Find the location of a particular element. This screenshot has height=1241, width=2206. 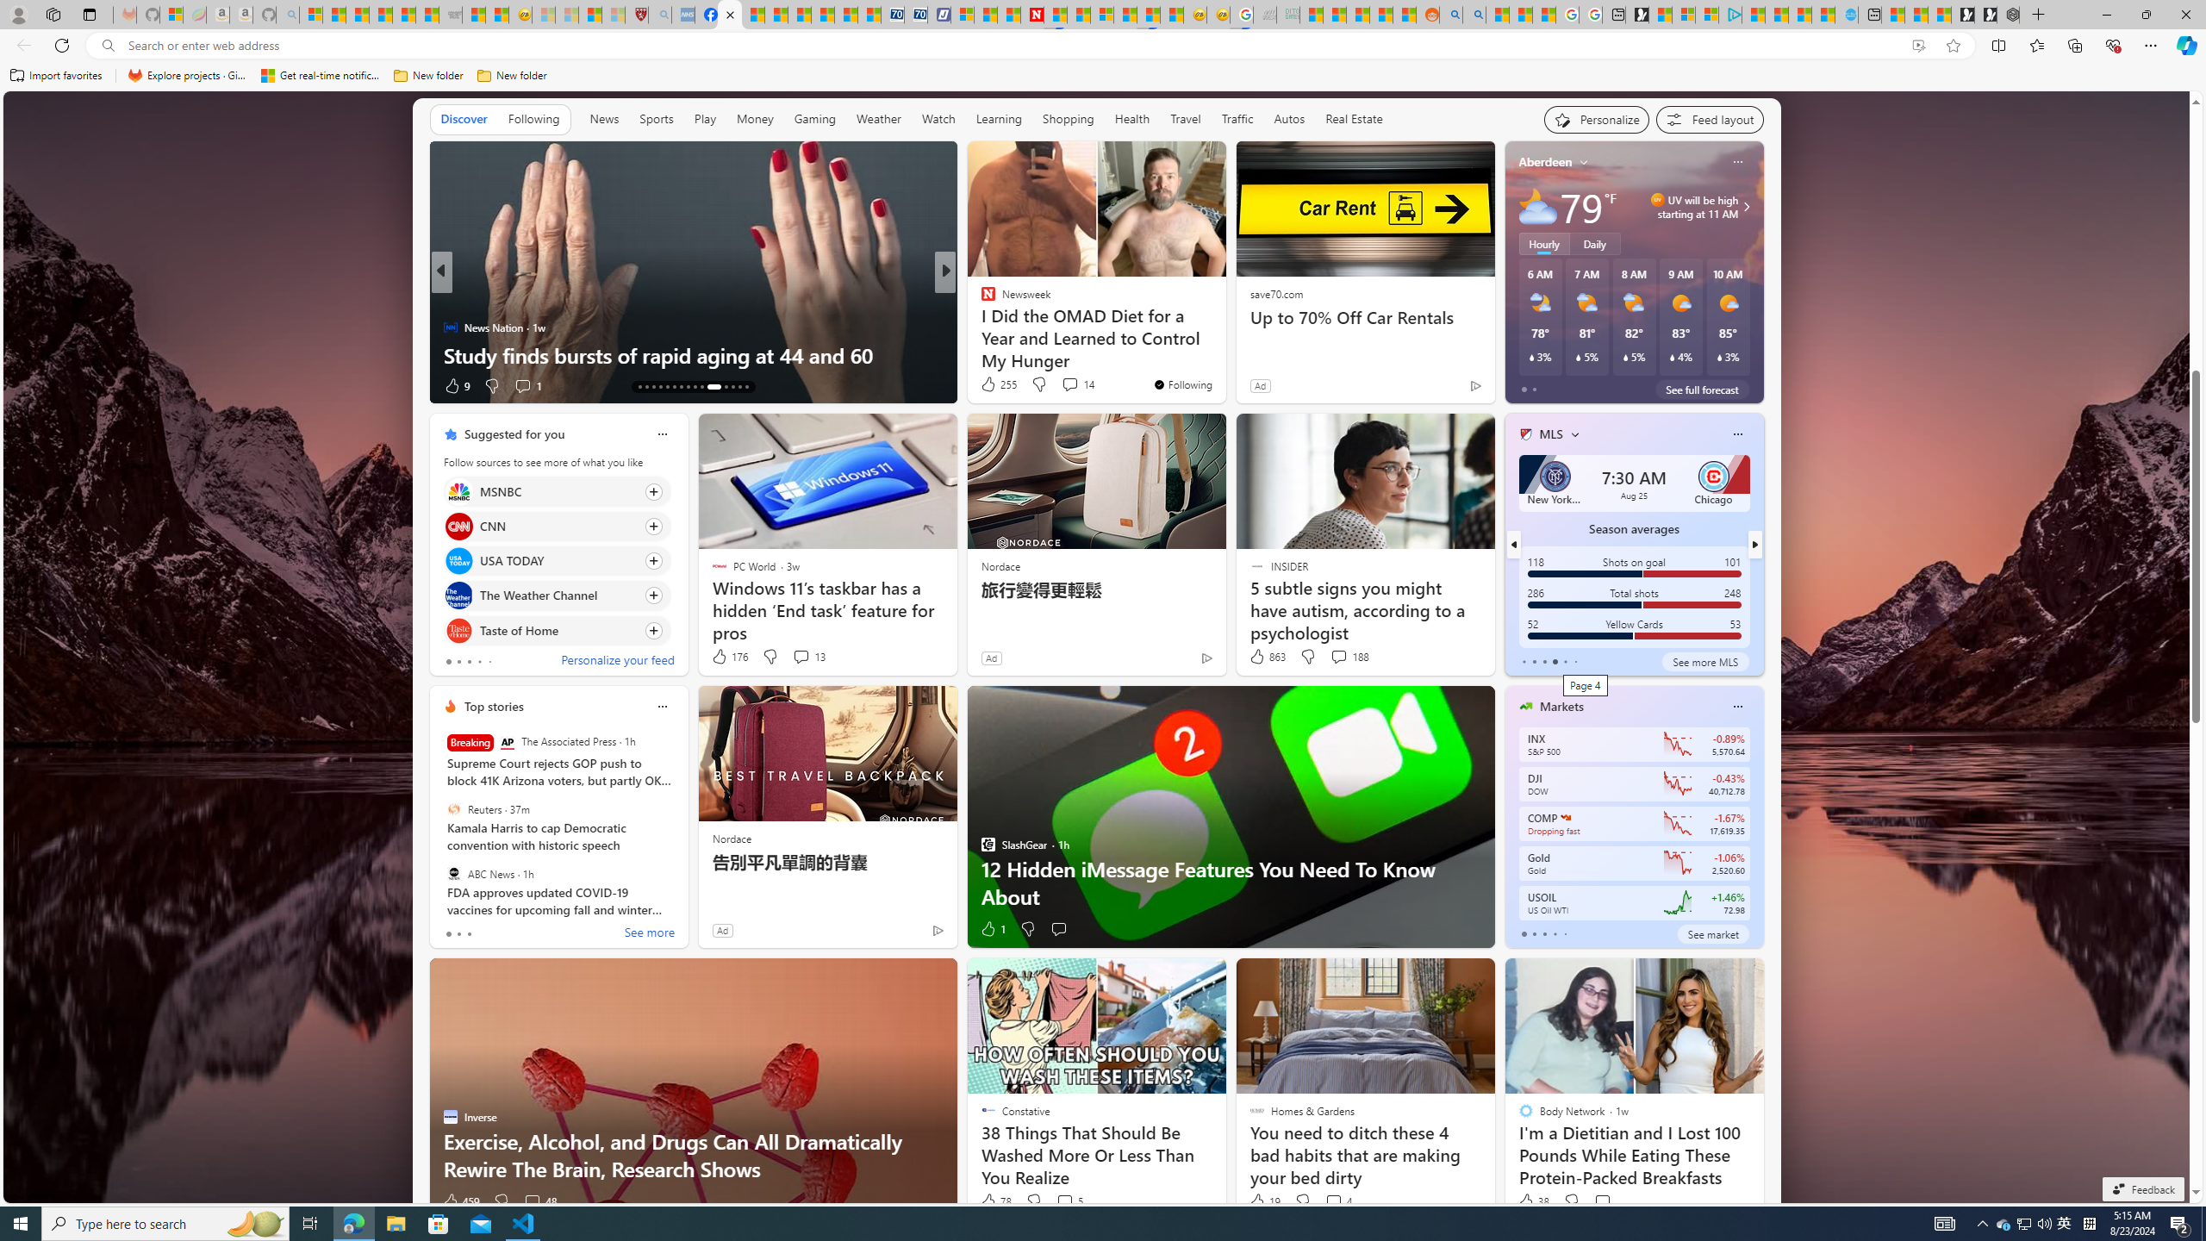

'Aberdeen' is located at coordinates (1545, 161).